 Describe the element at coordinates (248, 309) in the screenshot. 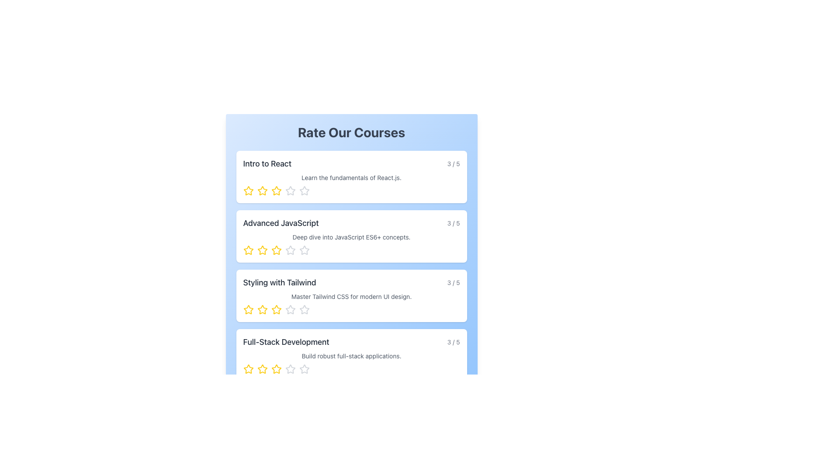

I see `the first star icon in the rating section under the 'Styling with Tailwind' course` at that location.